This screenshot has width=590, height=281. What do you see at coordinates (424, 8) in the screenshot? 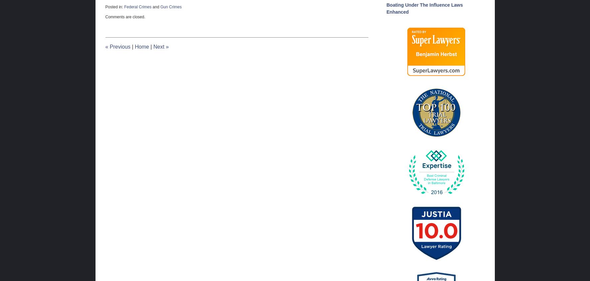
I see `'Boating Under the Influence Laws Enhanced'` at bounding box center [424, 8].